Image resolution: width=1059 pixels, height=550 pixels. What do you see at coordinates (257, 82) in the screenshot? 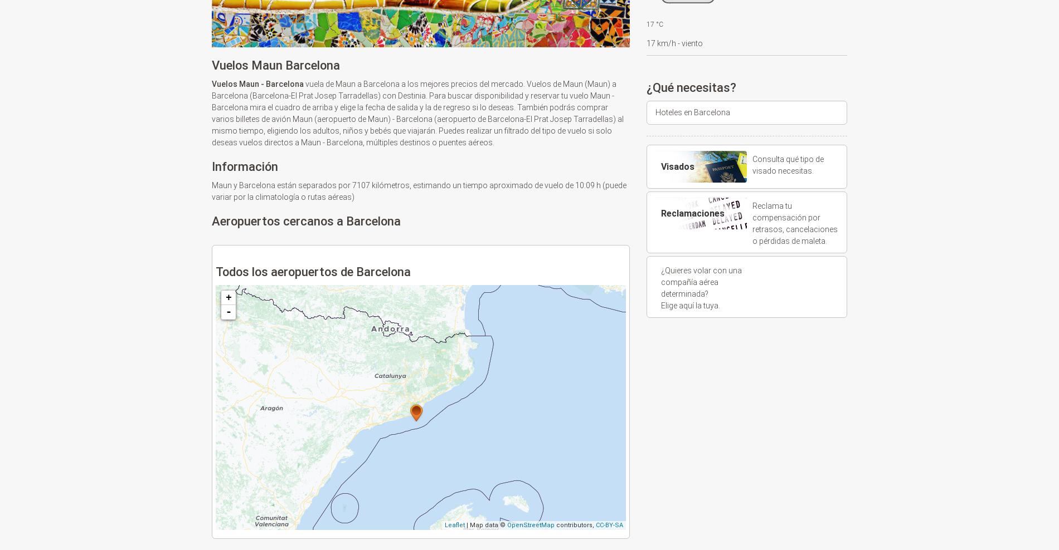
I see `'Vuelos Maun - Barcelona'` at bounding box center [257, 82].